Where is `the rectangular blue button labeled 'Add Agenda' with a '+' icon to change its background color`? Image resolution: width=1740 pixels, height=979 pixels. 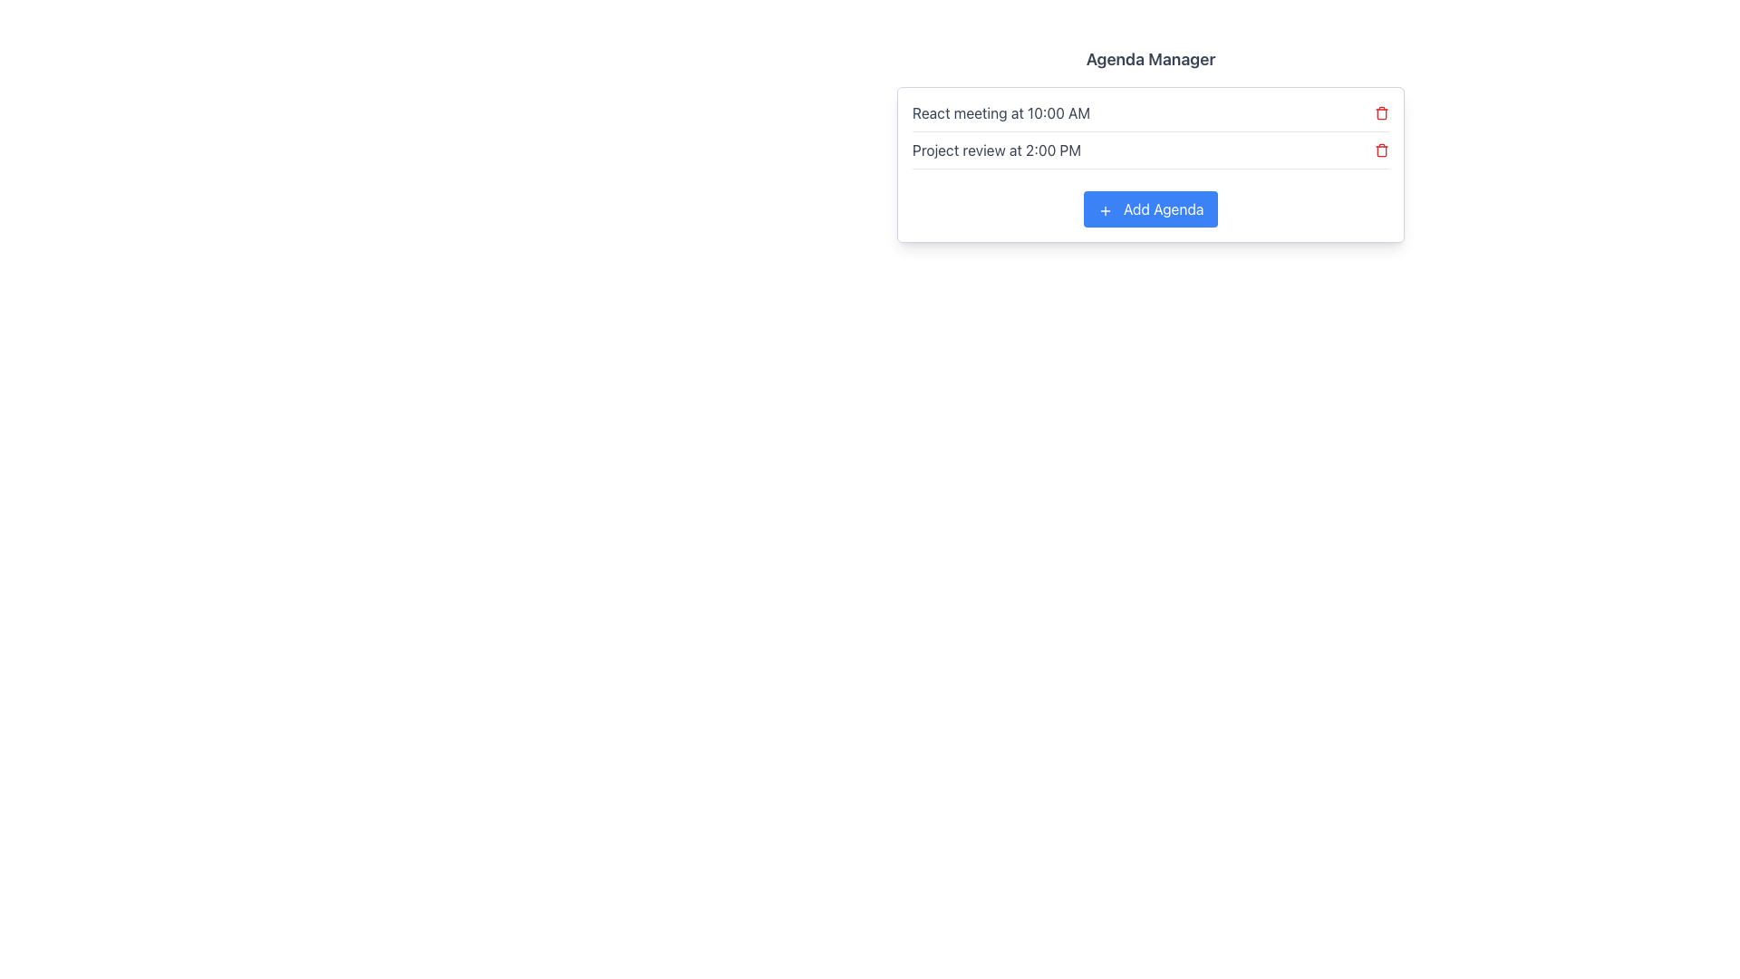
the rectangular blue button labeled 'Add Agenda' with a '+' icon to change its background color is located at coordinates (1150, 208).